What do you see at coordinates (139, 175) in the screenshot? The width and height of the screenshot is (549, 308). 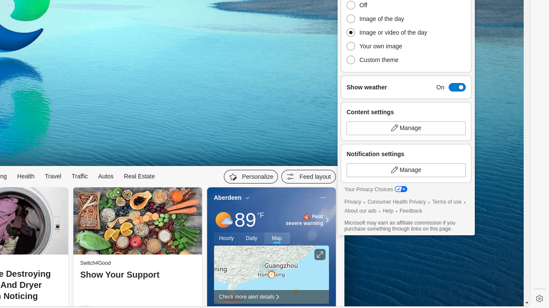 I see `'Real Estate'` at bounding box center [139, 175].